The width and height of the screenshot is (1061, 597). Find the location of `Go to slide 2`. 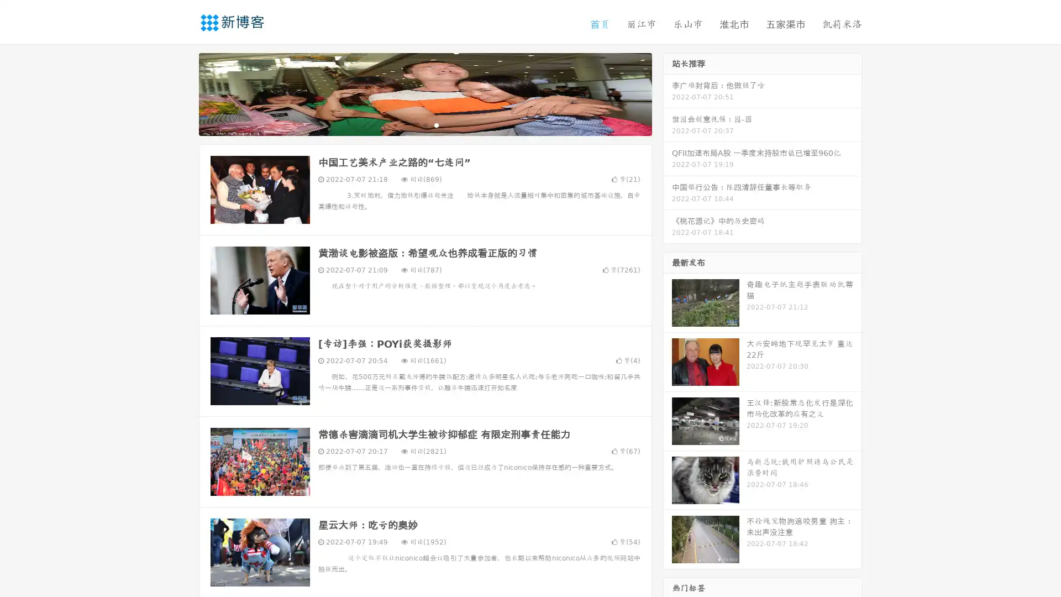

Go to slide 2 is located at coordinates (424, 124).